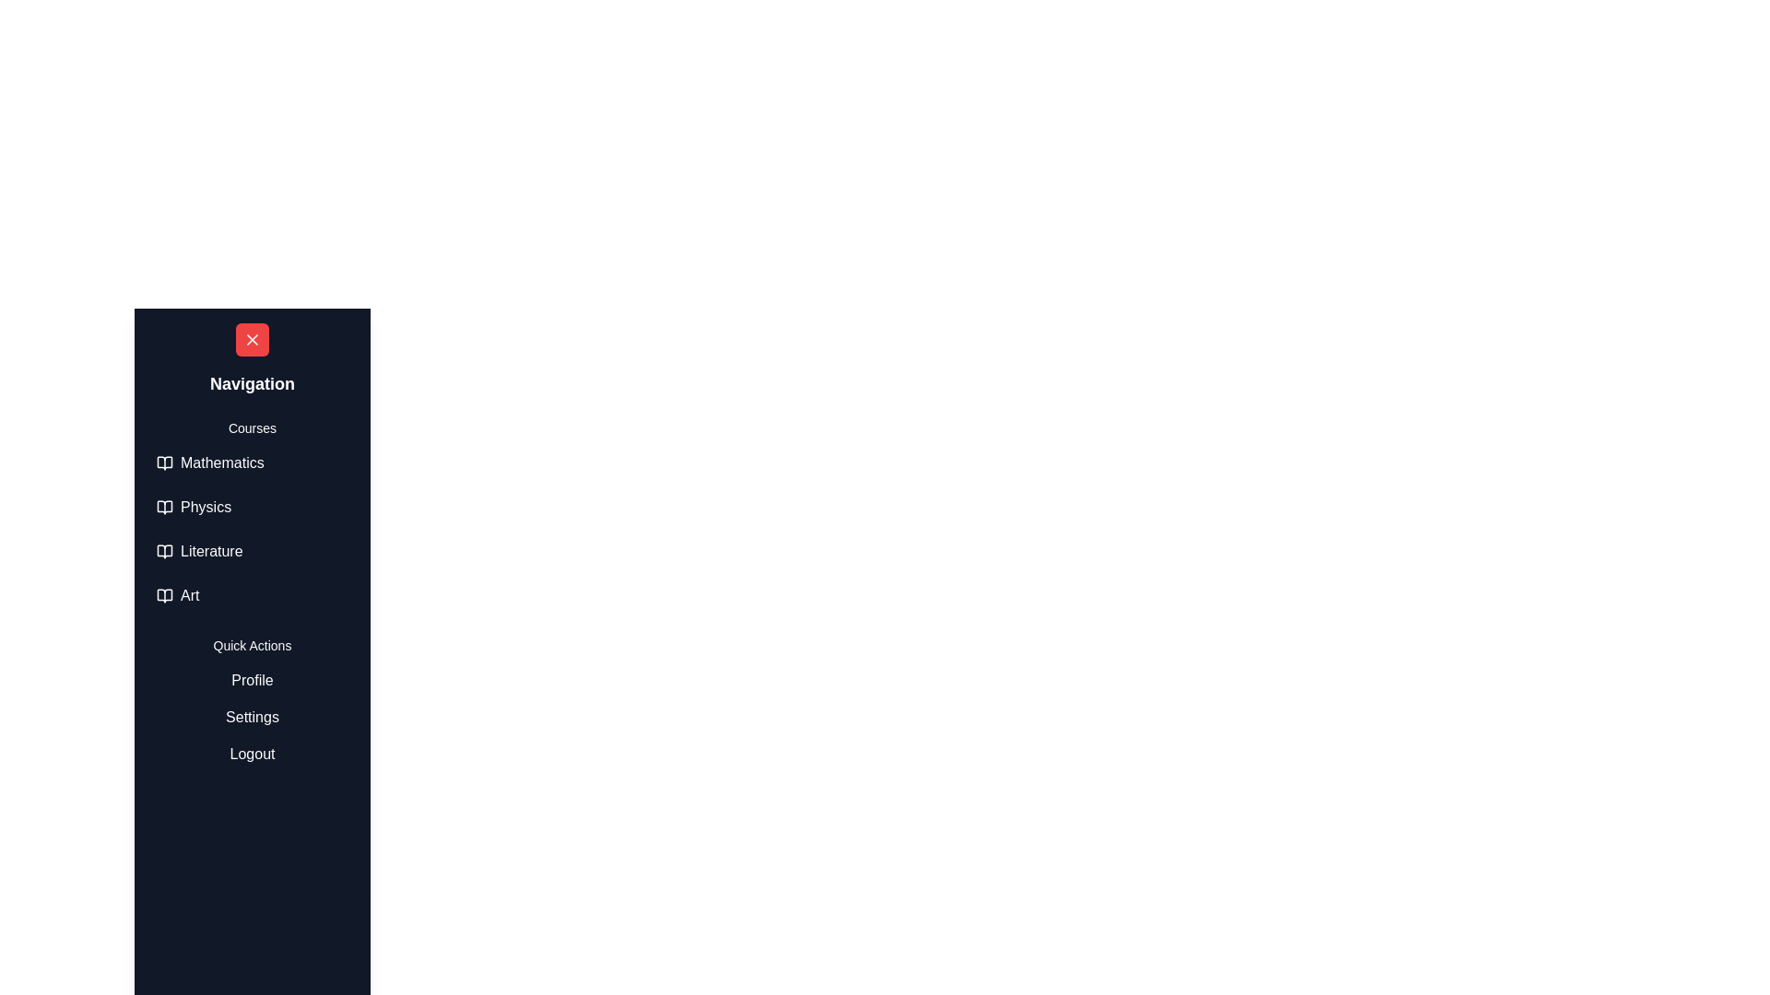 The image size is (1770, 995). I want to click on the Static Text Label that displays the word 'Navigation' in white, positioned below the red close button in the sidebar, so click(251, 382).